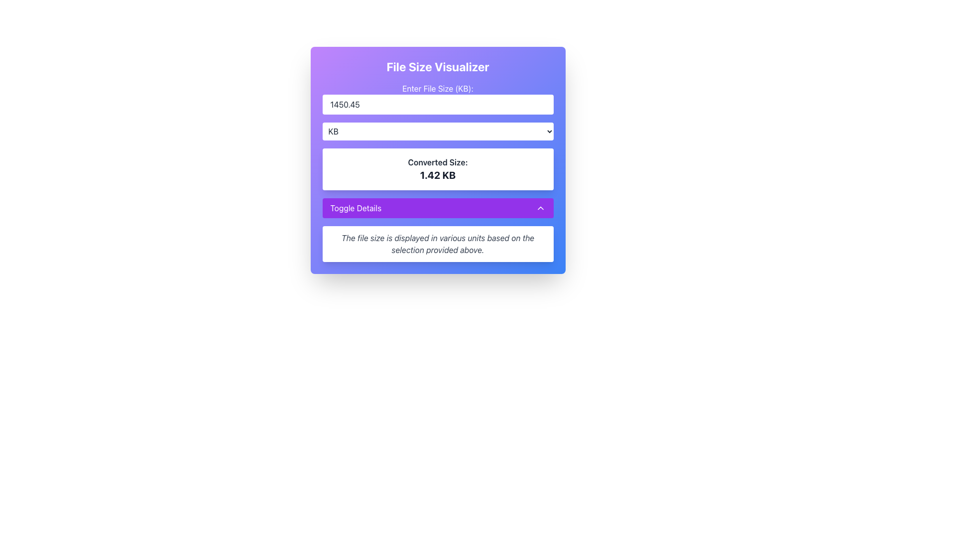 This screenshot has height=538, width=956. Describe the element at coordinates (438, 88) in the screenshot. I see `the text label displaying 'Enter File Size (KB):' which is on a purple rectangular background, located above a number input field` at that location.